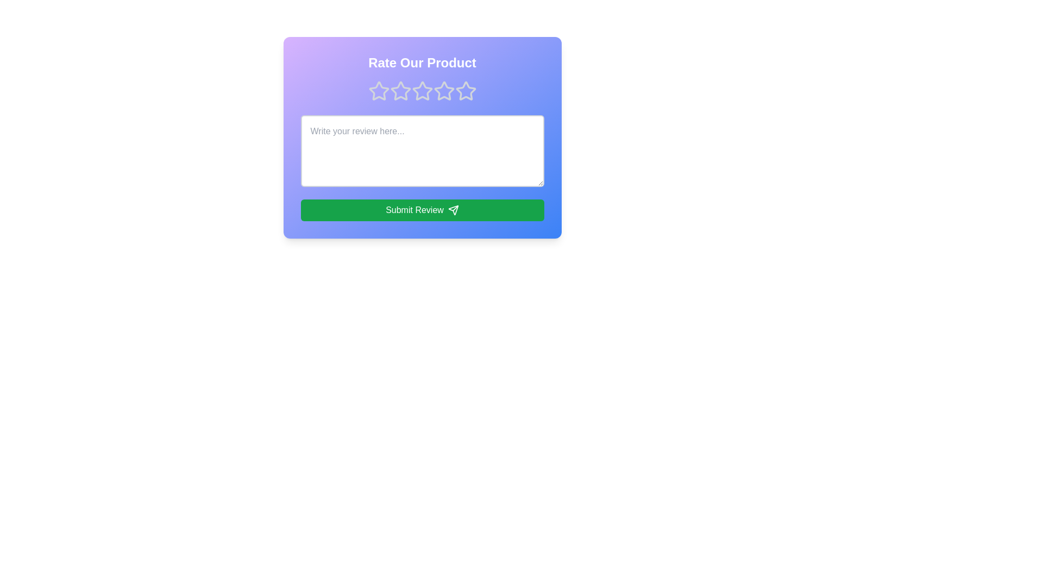  I want to click on the third star in the rating system, so click(422, 91).